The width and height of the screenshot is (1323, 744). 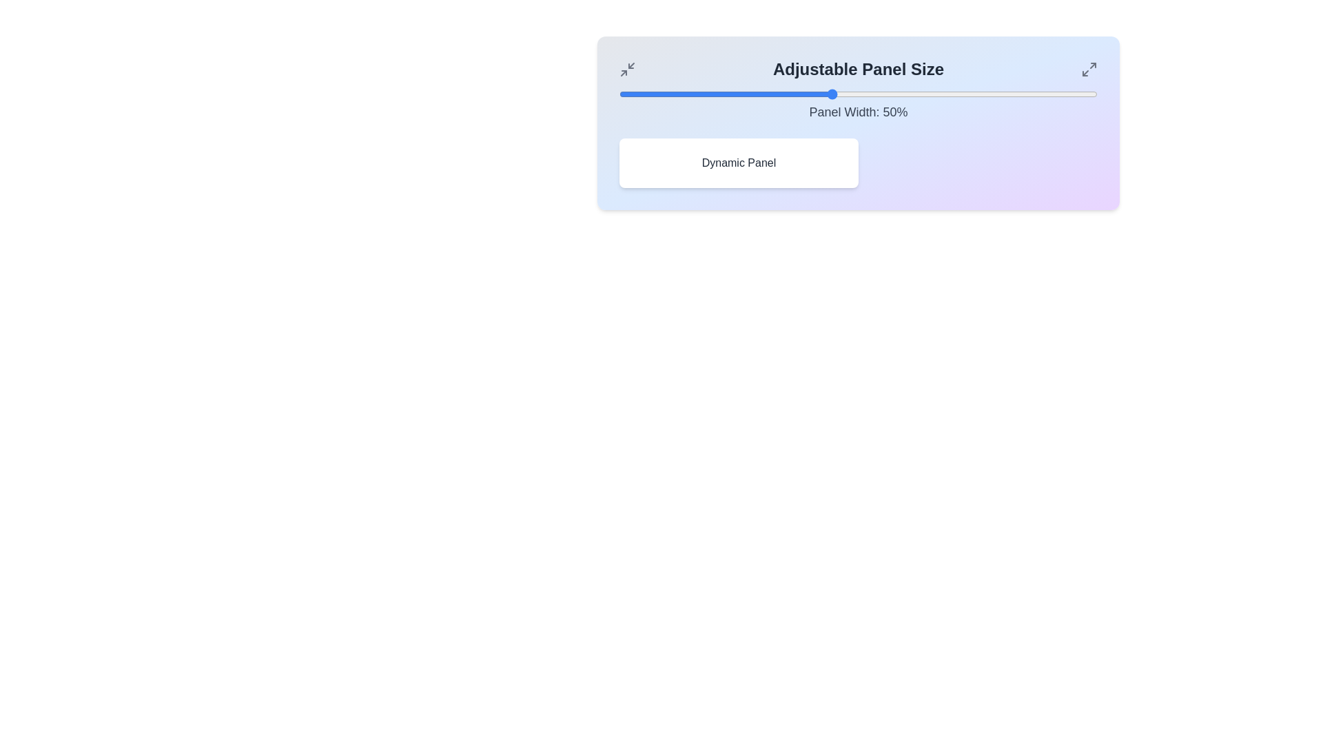 I want to click on the slider value, so click(x=1086, y=94).